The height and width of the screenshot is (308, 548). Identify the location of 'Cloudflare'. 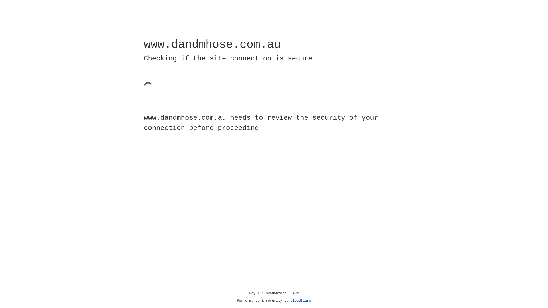
(301, 301).